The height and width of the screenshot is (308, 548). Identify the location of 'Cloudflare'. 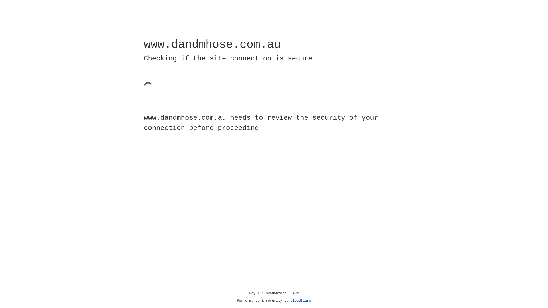
(301, 301).